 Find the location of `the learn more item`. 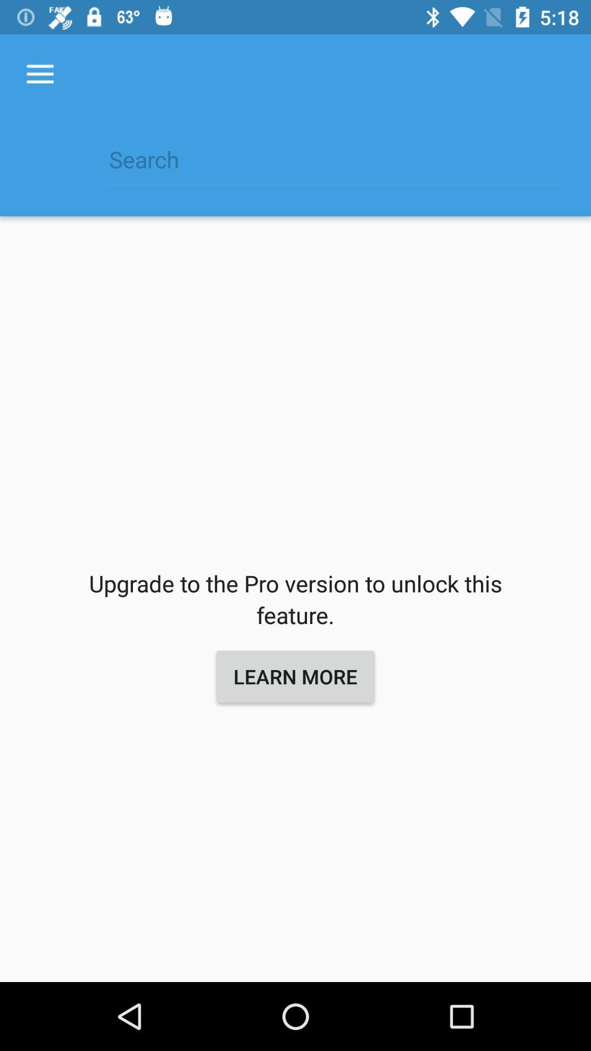

the learn more item is located at coordinates (296, 675).